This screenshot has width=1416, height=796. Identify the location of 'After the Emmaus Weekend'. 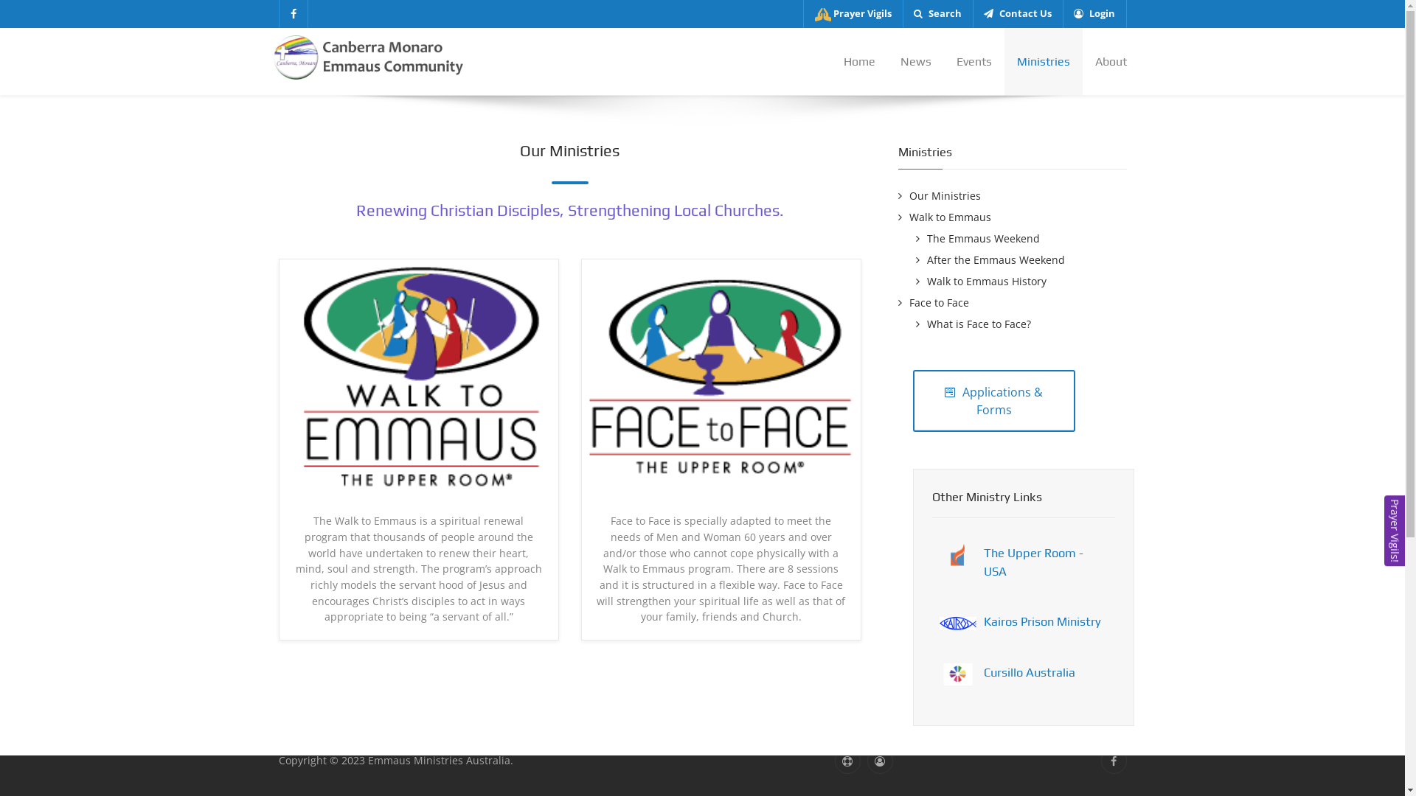
(990, 259).